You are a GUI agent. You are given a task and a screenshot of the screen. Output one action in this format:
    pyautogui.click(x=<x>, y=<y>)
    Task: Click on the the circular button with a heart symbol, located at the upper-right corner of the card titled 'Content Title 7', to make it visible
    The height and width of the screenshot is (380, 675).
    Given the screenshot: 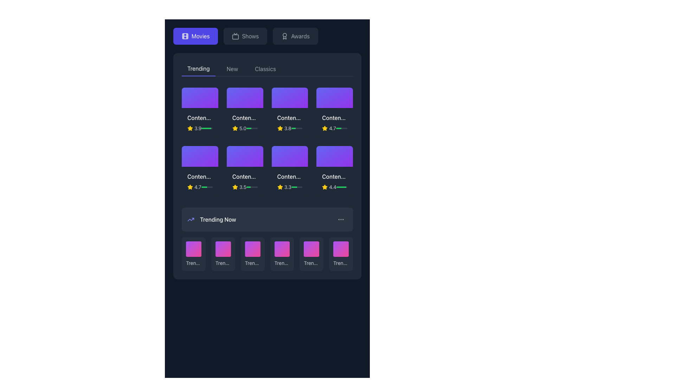 What is the action you would take?
    pyautogui.click(x=301, y=153)
    